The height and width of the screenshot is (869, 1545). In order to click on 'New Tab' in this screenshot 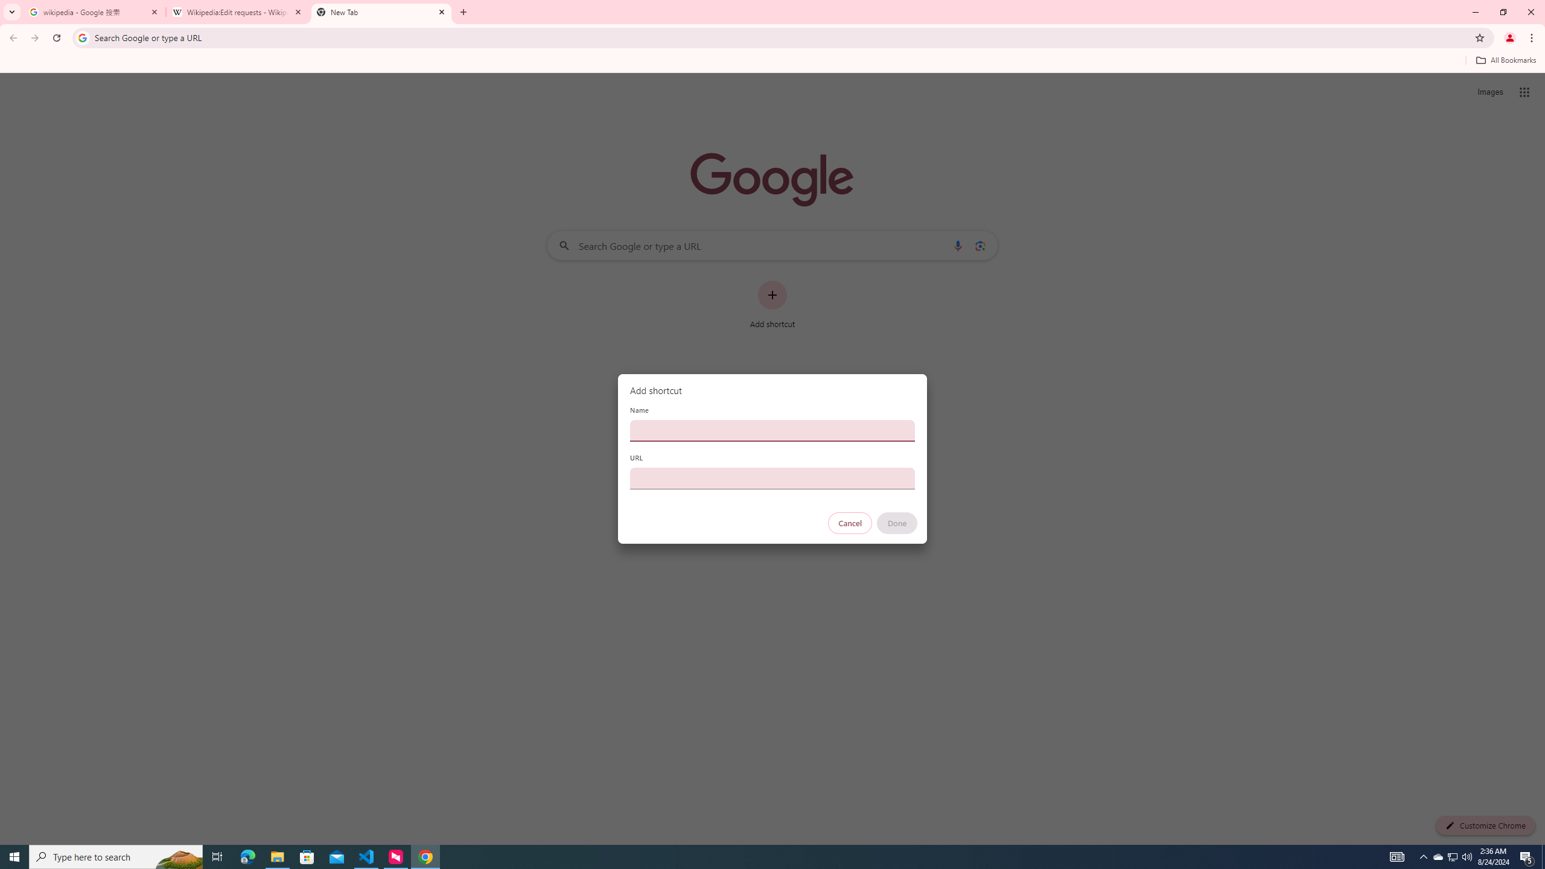, I will do `click(381, 11)`.